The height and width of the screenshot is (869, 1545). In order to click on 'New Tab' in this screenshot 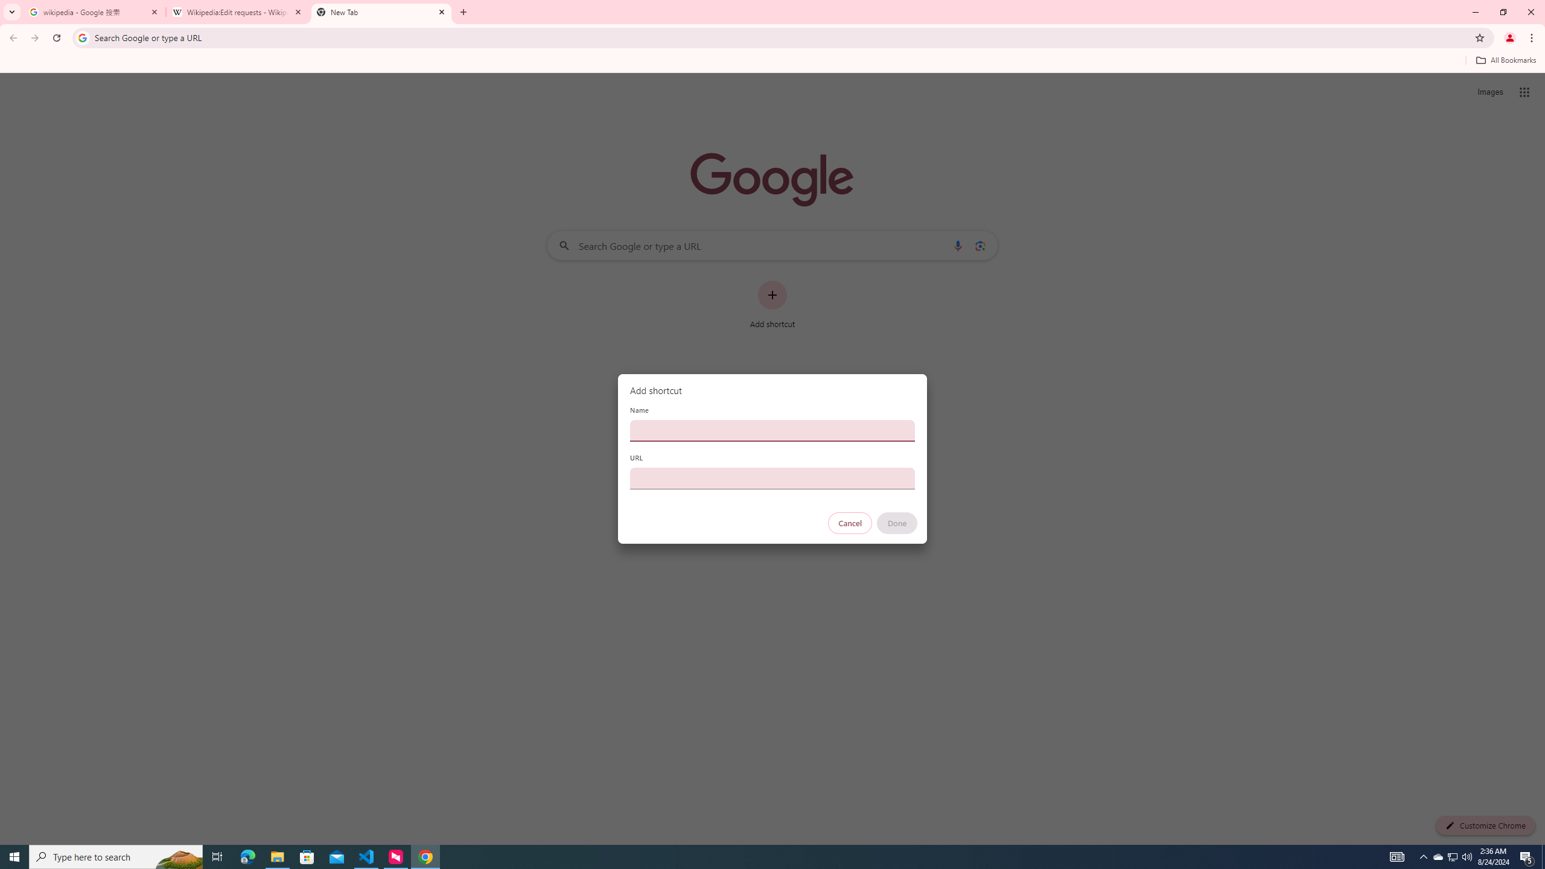, I will do `click(381, 11)`.